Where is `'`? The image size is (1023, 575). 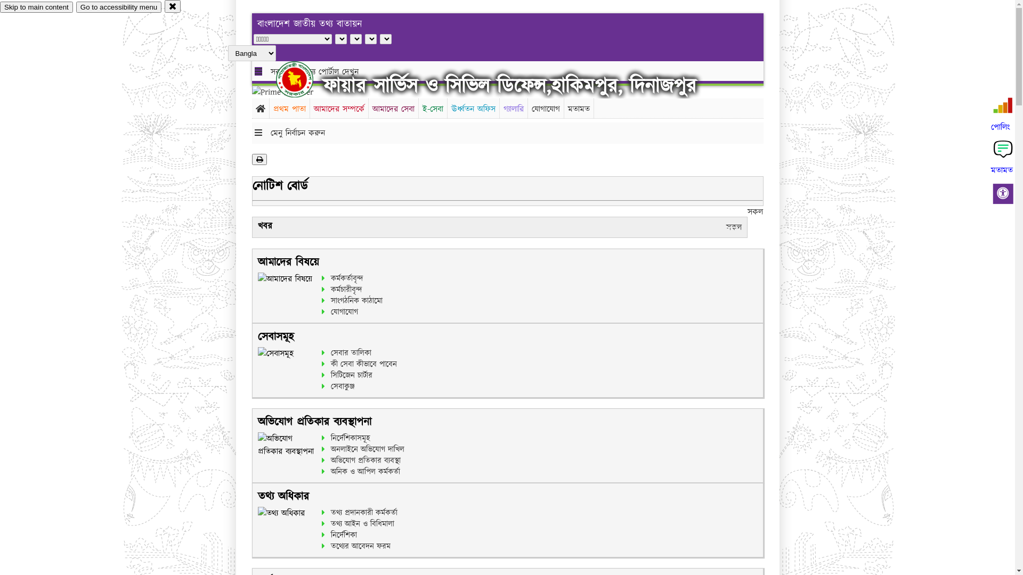
' is located at coordinates (303, 79).